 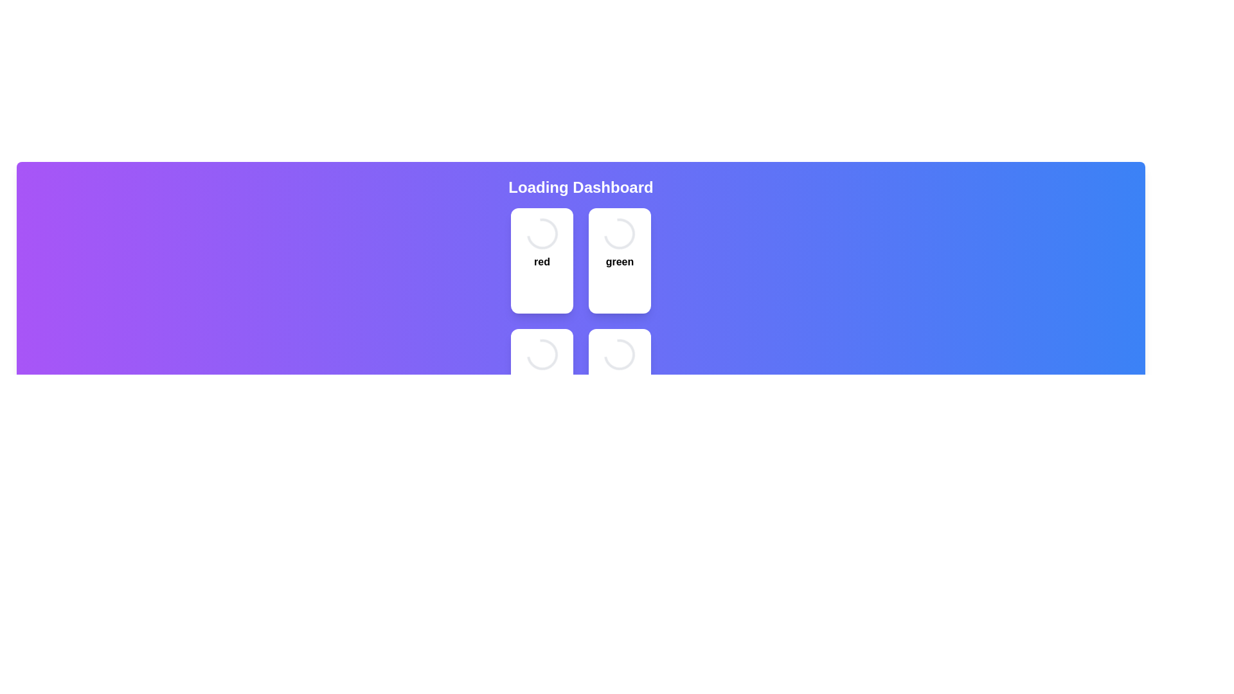 What do you see at coordinates (620, 260) in the screenshot?
I see `text displayed on the Card component with a spinner and 'Stop' button located in the second column of the first row within the 'Loading Dashboard'` at bounding box center [620, 260].